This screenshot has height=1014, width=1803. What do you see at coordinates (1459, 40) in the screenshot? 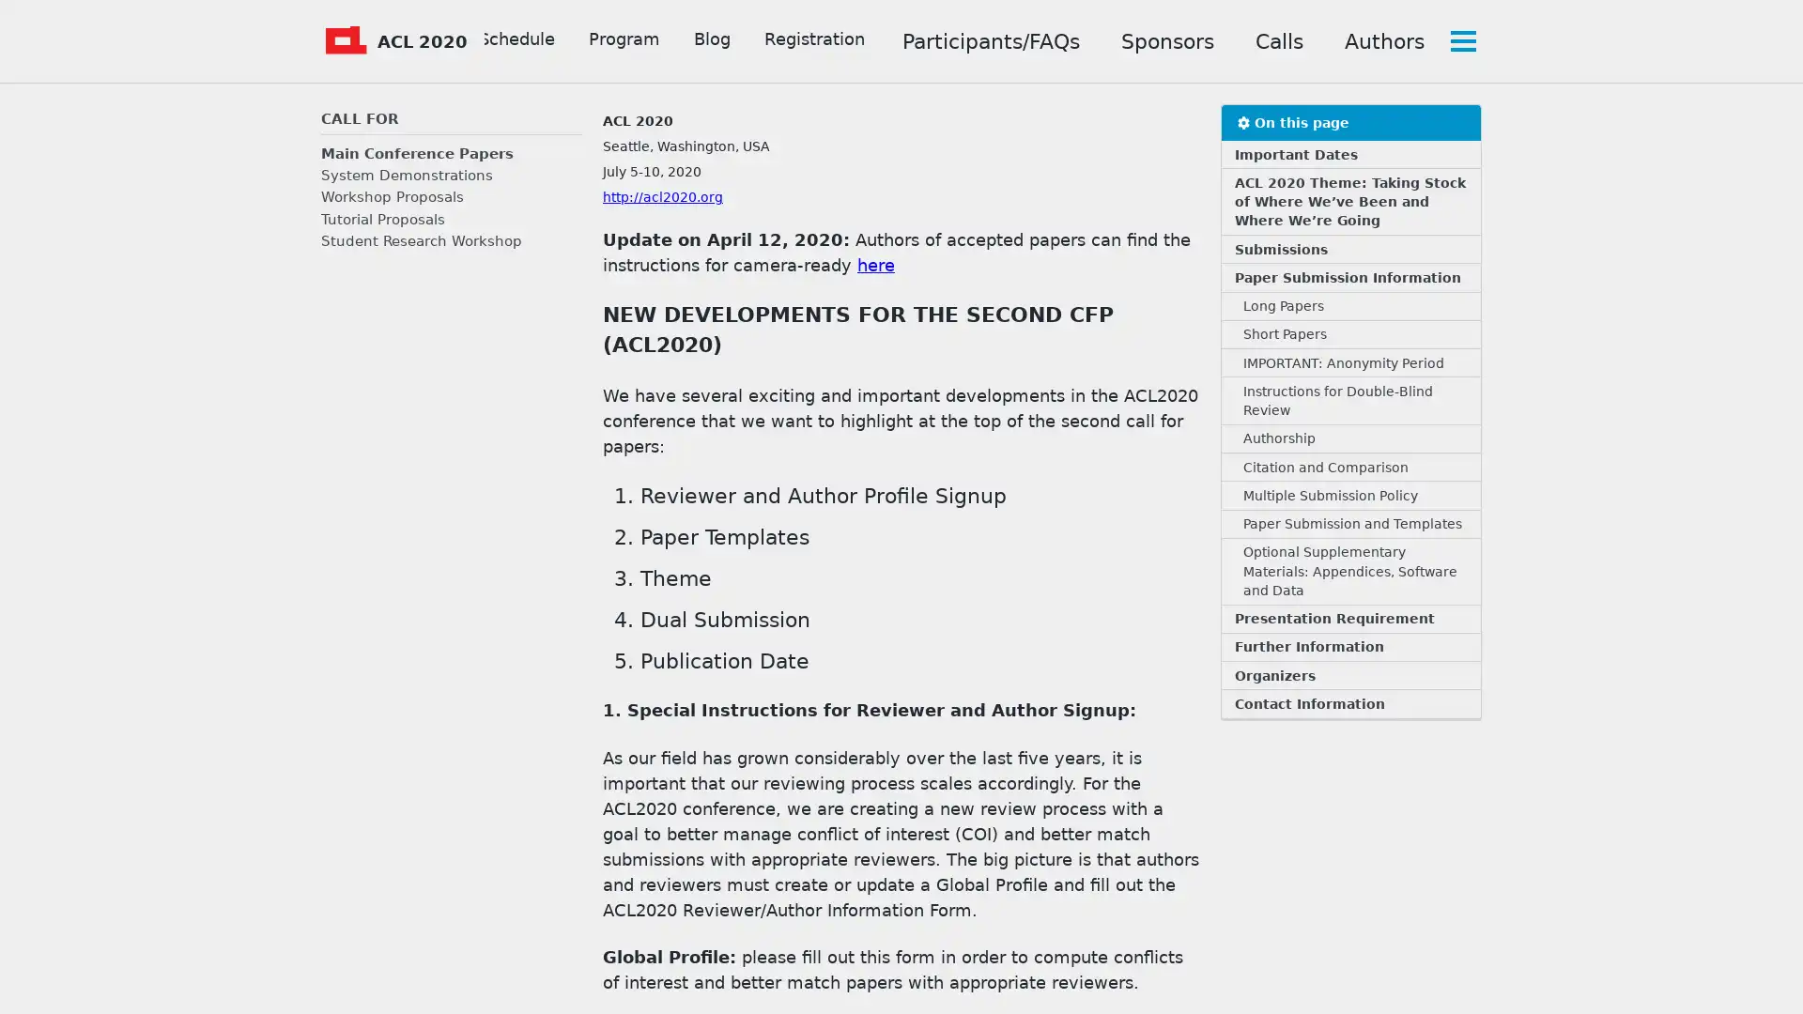
I see `Toggle menu` at bounding box center [1459, 40].